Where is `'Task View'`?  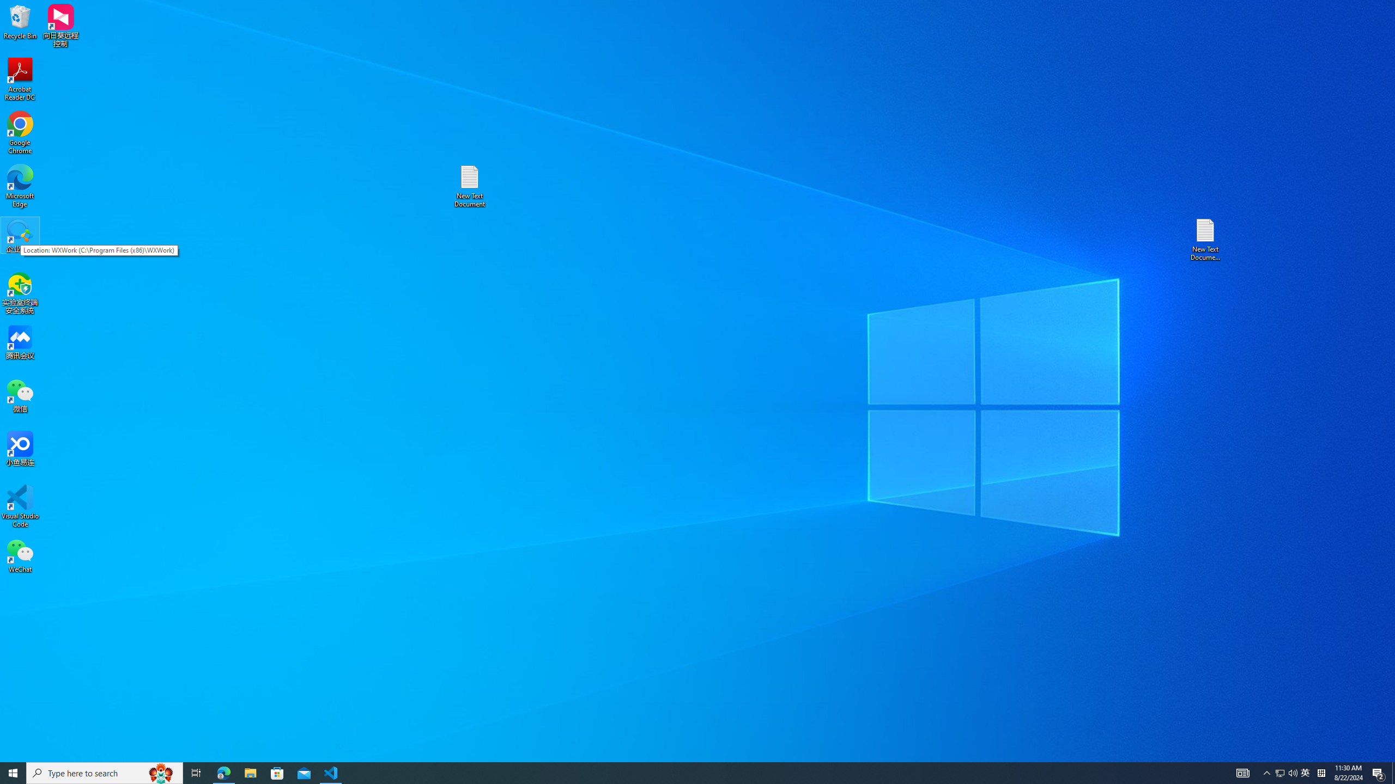
'Task View' is located at coordinates (195, 772).